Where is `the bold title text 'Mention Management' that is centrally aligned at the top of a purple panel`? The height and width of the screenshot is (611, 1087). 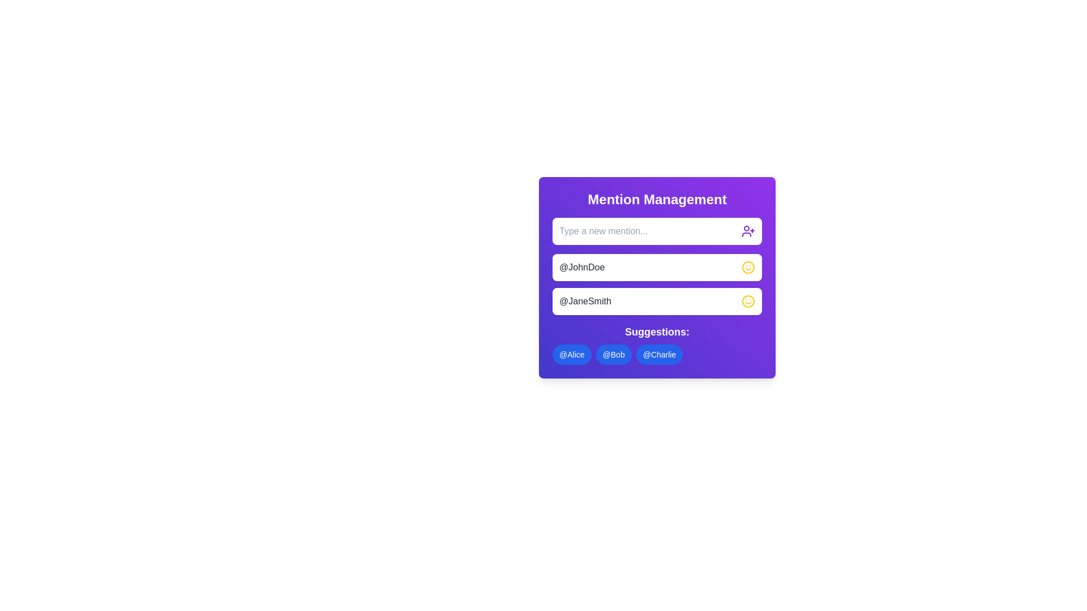 the bold title text 'Mention Management' that is centrally aligned at the top of a purple panel is located at coordinates (657, 199).